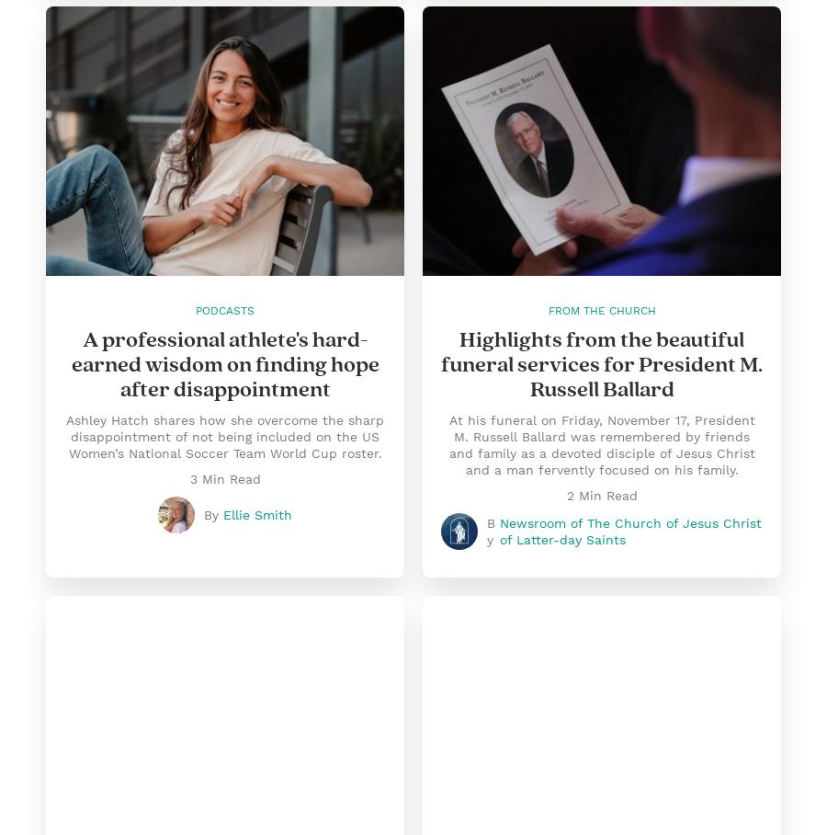 Image resolution: width=827 pixels, height=835 pixels. I want to click on 'Highlights from the beautiful funeral services for President M. Russell Ballard', so click(602, 363).